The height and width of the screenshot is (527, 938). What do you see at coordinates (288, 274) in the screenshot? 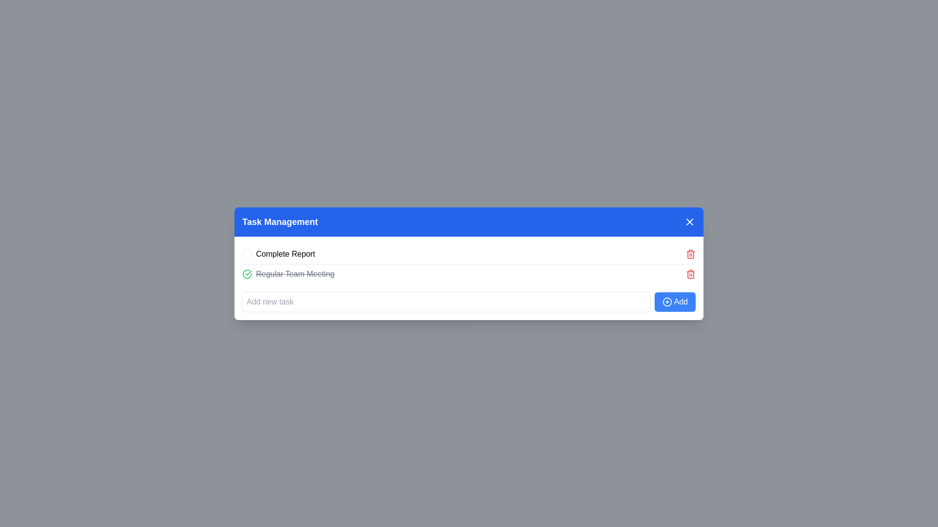
I see `the Task item labeled 'Regular Team Meeting' which has a strikethrough and is preceded by a green checkmark icon, located under 'Task Management.'` at bounding box center [288, 274].